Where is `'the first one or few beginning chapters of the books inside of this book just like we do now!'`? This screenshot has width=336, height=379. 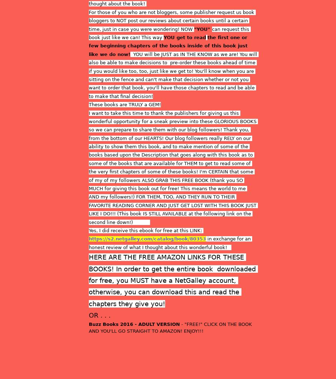 'the first one or few beginning chapters of the books inside of this book just like we do now!' is located at coordinates (169, 45).